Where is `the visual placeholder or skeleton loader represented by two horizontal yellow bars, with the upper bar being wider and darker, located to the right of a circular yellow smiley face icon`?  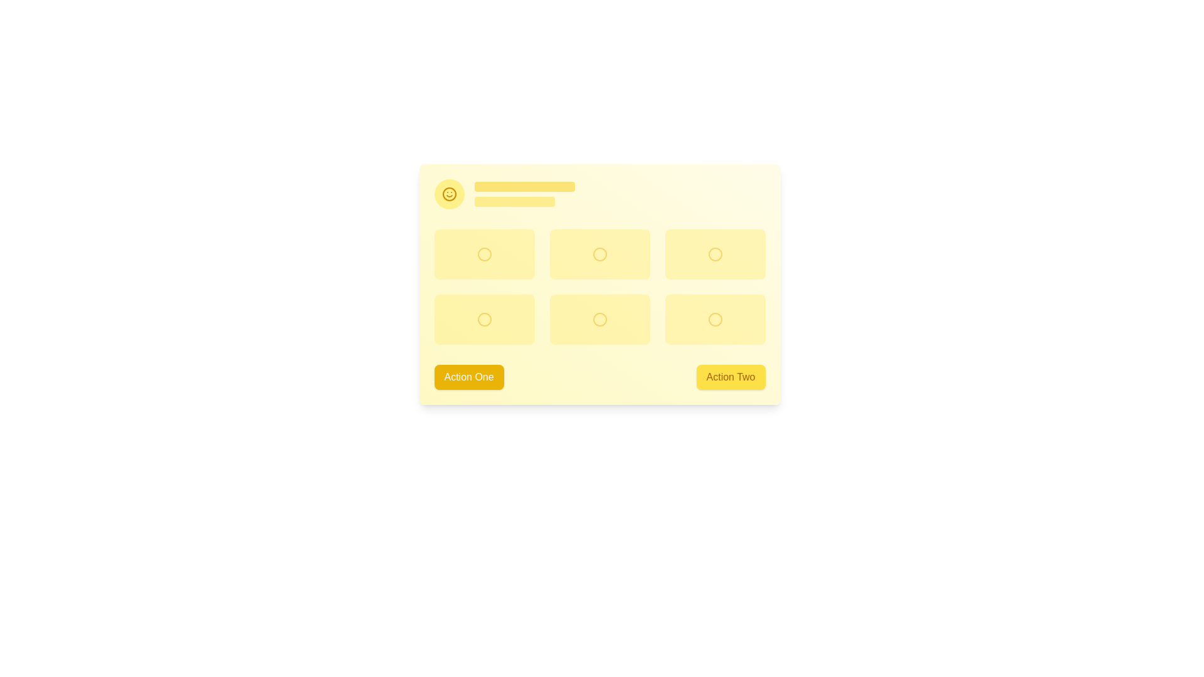
the visual placeholder or skeleton loader represented by two horizontal yellow bars, with the upper bar being wider and darker, located to the right of a circular yellow smiley face icon is located at coordinates (524, 194).